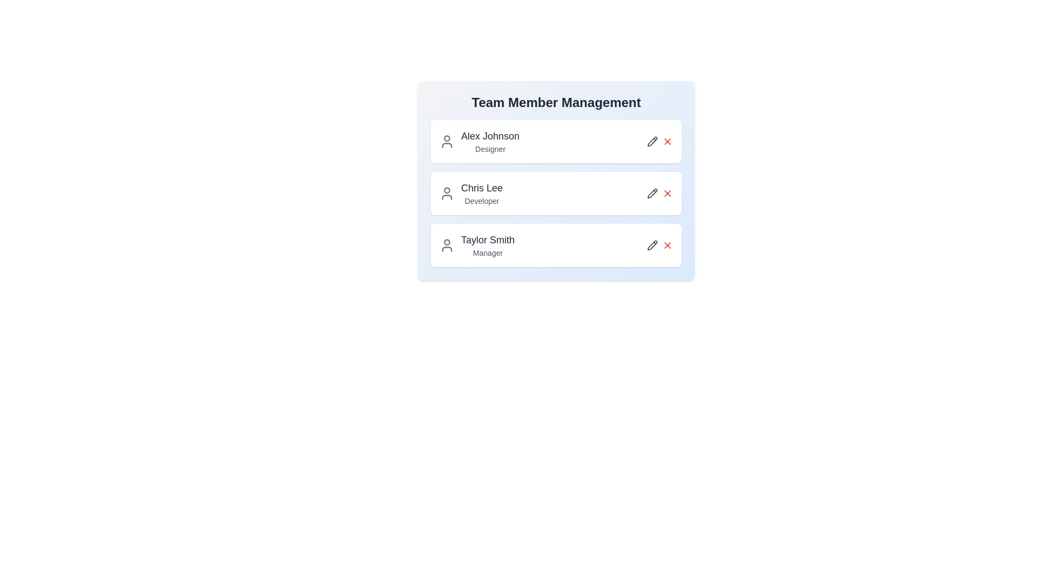 The image size is (1038, 584). Describe the element at coordinates (556, 141) in the screenshot. I see `the card of the member to view their details. The parameter Alex Johnson specifies the name of the member whose card is clicked` at that location.